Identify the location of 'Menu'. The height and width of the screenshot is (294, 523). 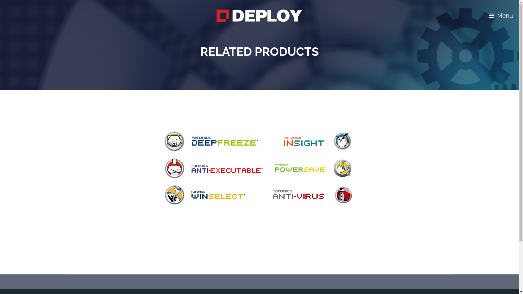
(489, 15).